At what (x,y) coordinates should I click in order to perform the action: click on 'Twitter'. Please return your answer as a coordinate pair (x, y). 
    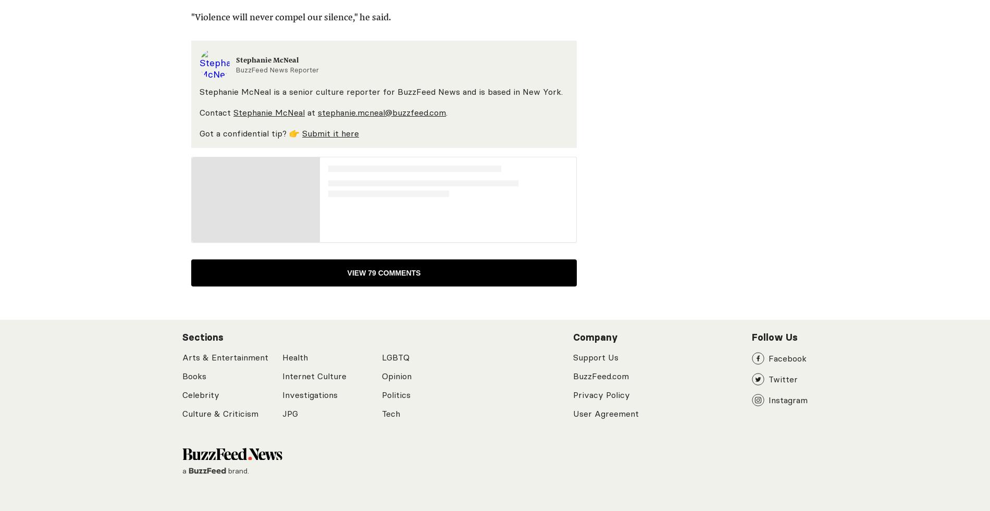
    Looking at the image, I should click on (783, 379).